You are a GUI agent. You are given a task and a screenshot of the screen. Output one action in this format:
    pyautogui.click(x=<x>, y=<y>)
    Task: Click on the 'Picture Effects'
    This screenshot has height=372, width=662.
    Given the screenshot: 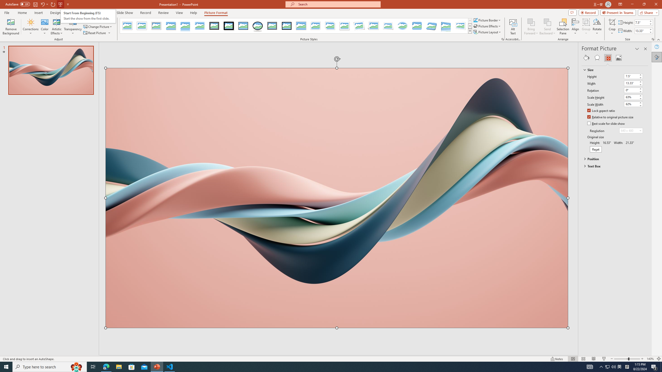 What is the action you would take?
    pyautogui.click(x=487, y=26)
    